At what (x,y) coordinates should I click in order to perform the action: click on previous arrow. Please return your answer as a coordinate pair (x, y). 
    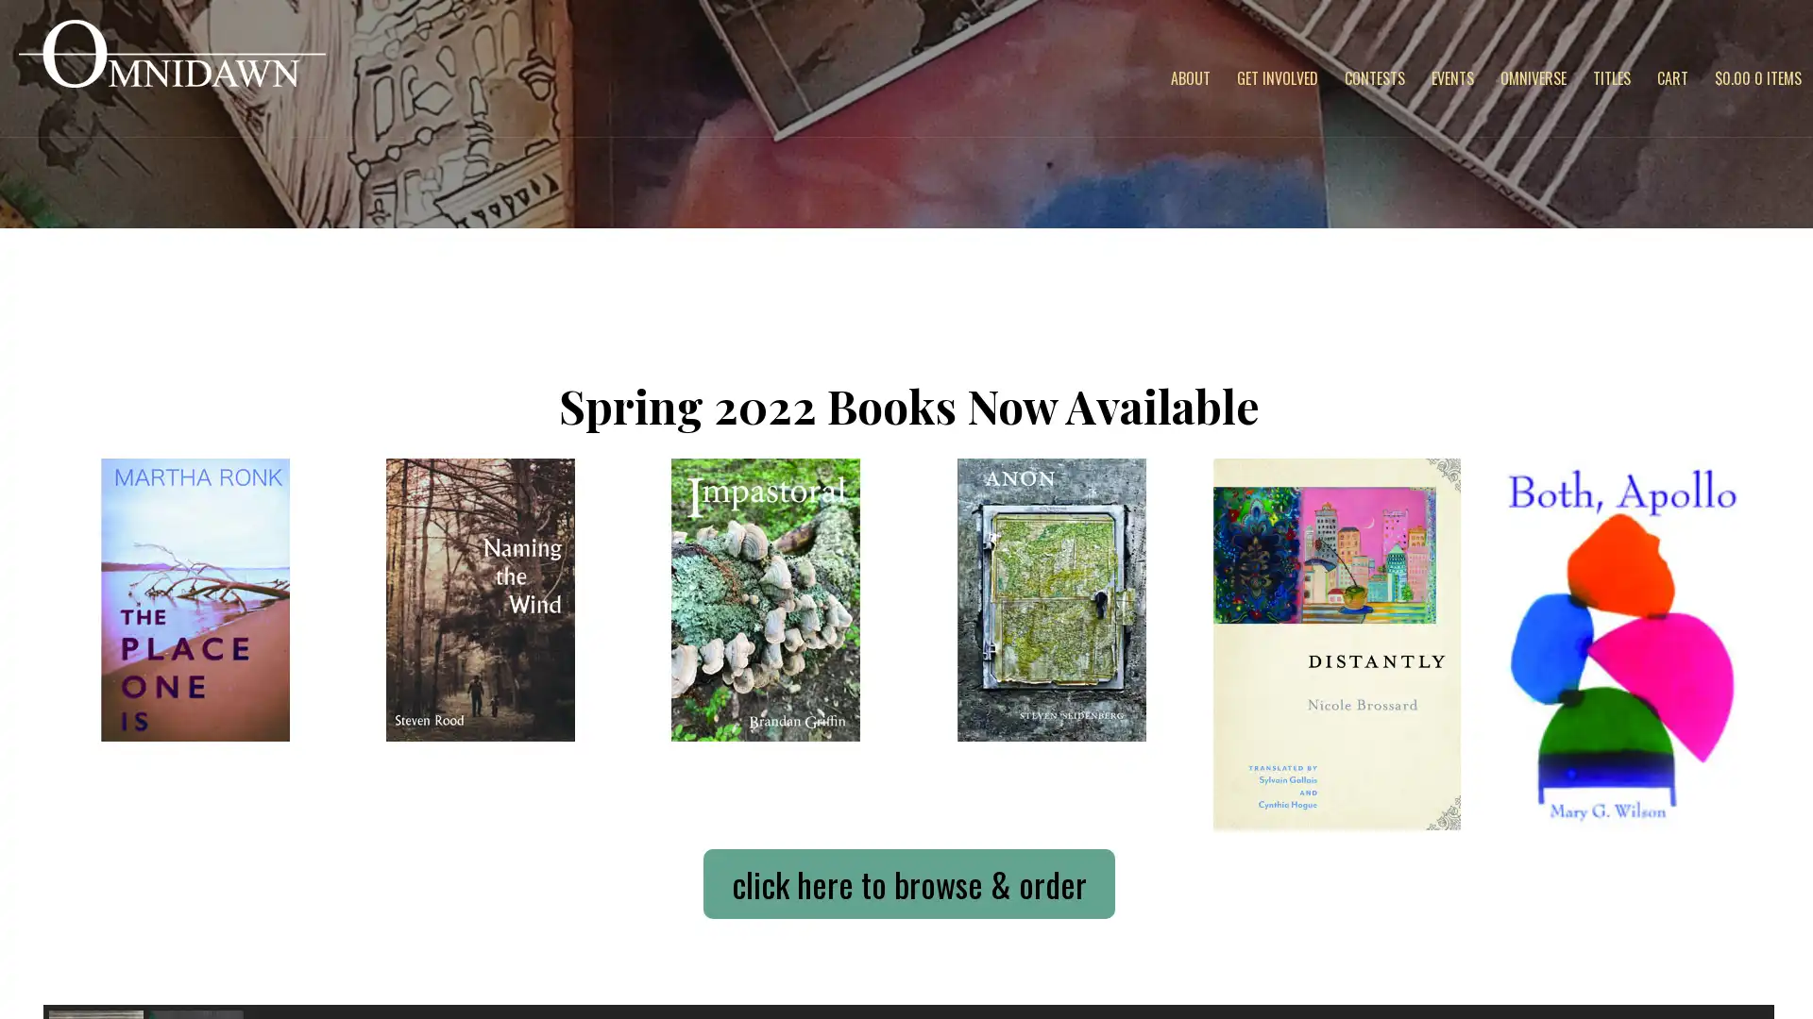
    Looking at the image, I should click on (71, 643).